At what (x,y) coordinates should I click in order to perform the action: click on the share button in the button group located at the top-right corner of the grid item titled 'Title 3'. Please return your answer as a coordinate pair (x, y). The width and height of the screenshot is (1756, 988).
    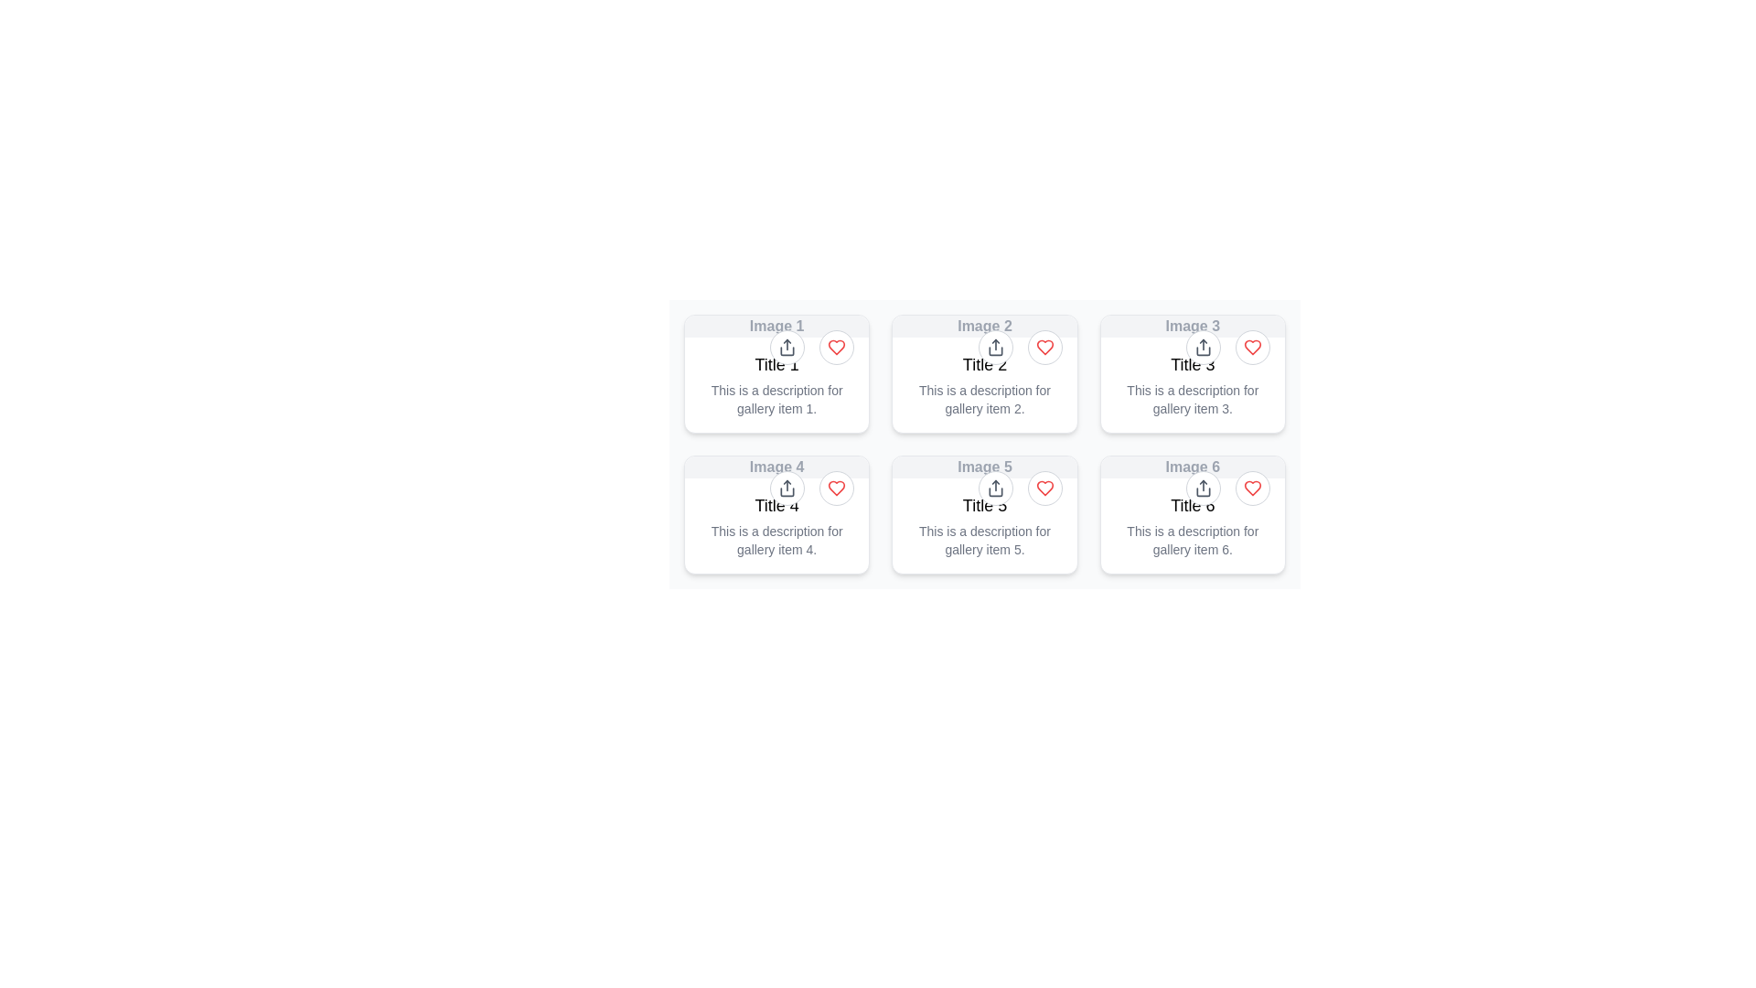
    Looking at the image, I should click on (1228, 348).